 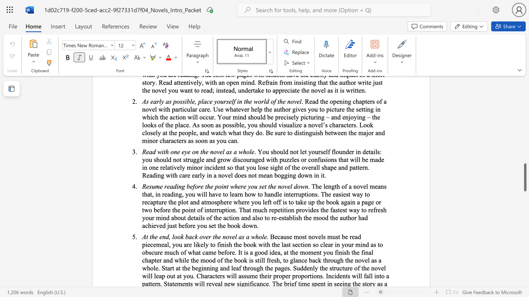 I want to click on the space between the continuous character "a" and "c" in the text, so click(x=191, y=236).